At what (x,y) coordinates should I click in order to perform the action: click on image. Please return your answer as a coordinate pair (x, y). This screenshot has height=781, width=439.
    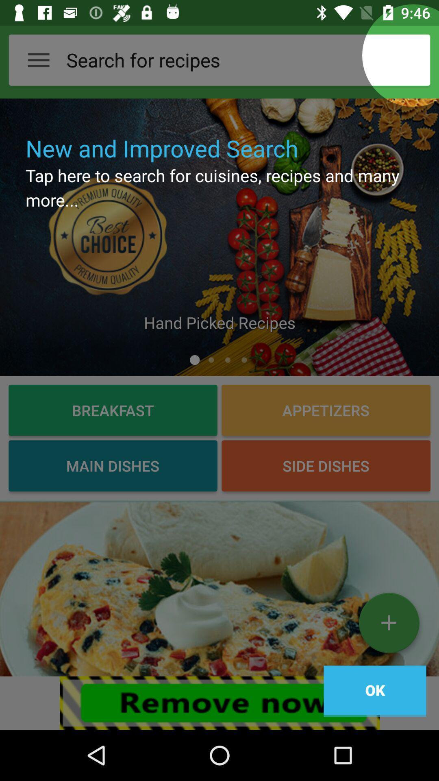
    Looking at the image, I should click on (388, 626).